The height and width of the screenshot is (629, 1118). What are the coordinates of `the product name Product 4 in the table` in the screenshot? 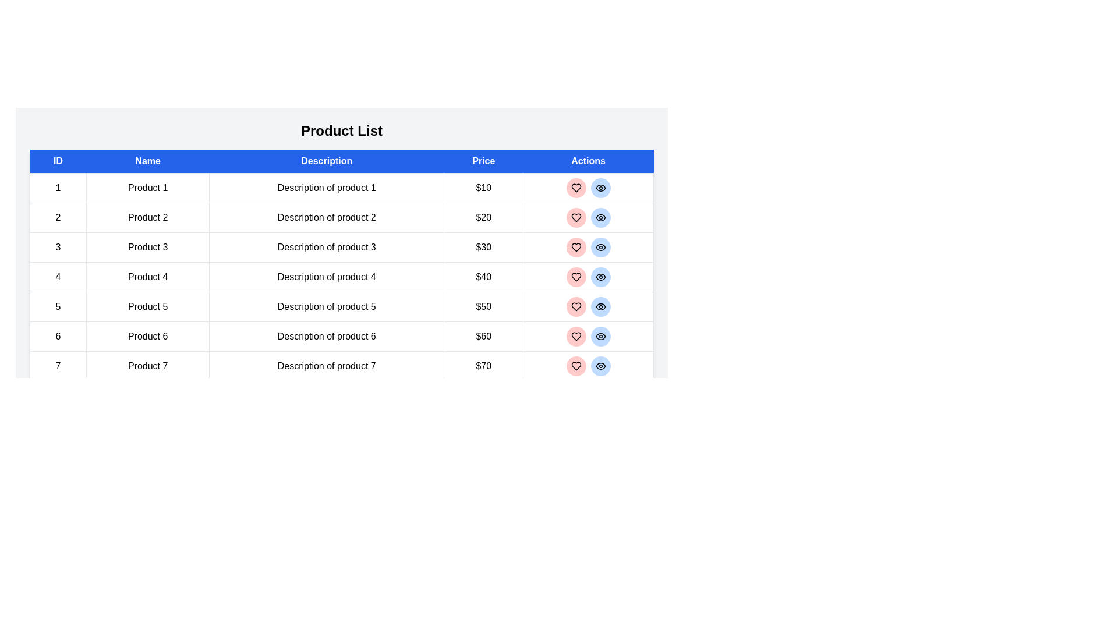 It's located at (147, 277).